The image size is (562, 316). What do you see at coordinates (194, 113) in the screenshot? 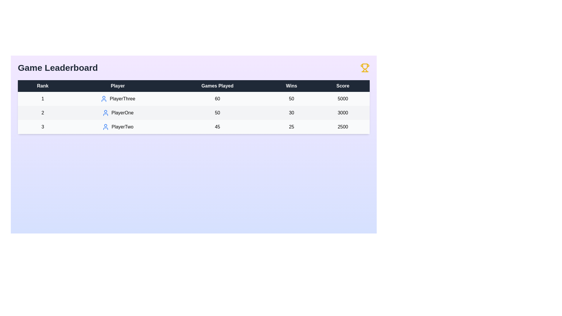
I see `the second row in the leaderboard table that summarizes the performance metrics of 'PlayerOne'` at bounding box center [194, 113].